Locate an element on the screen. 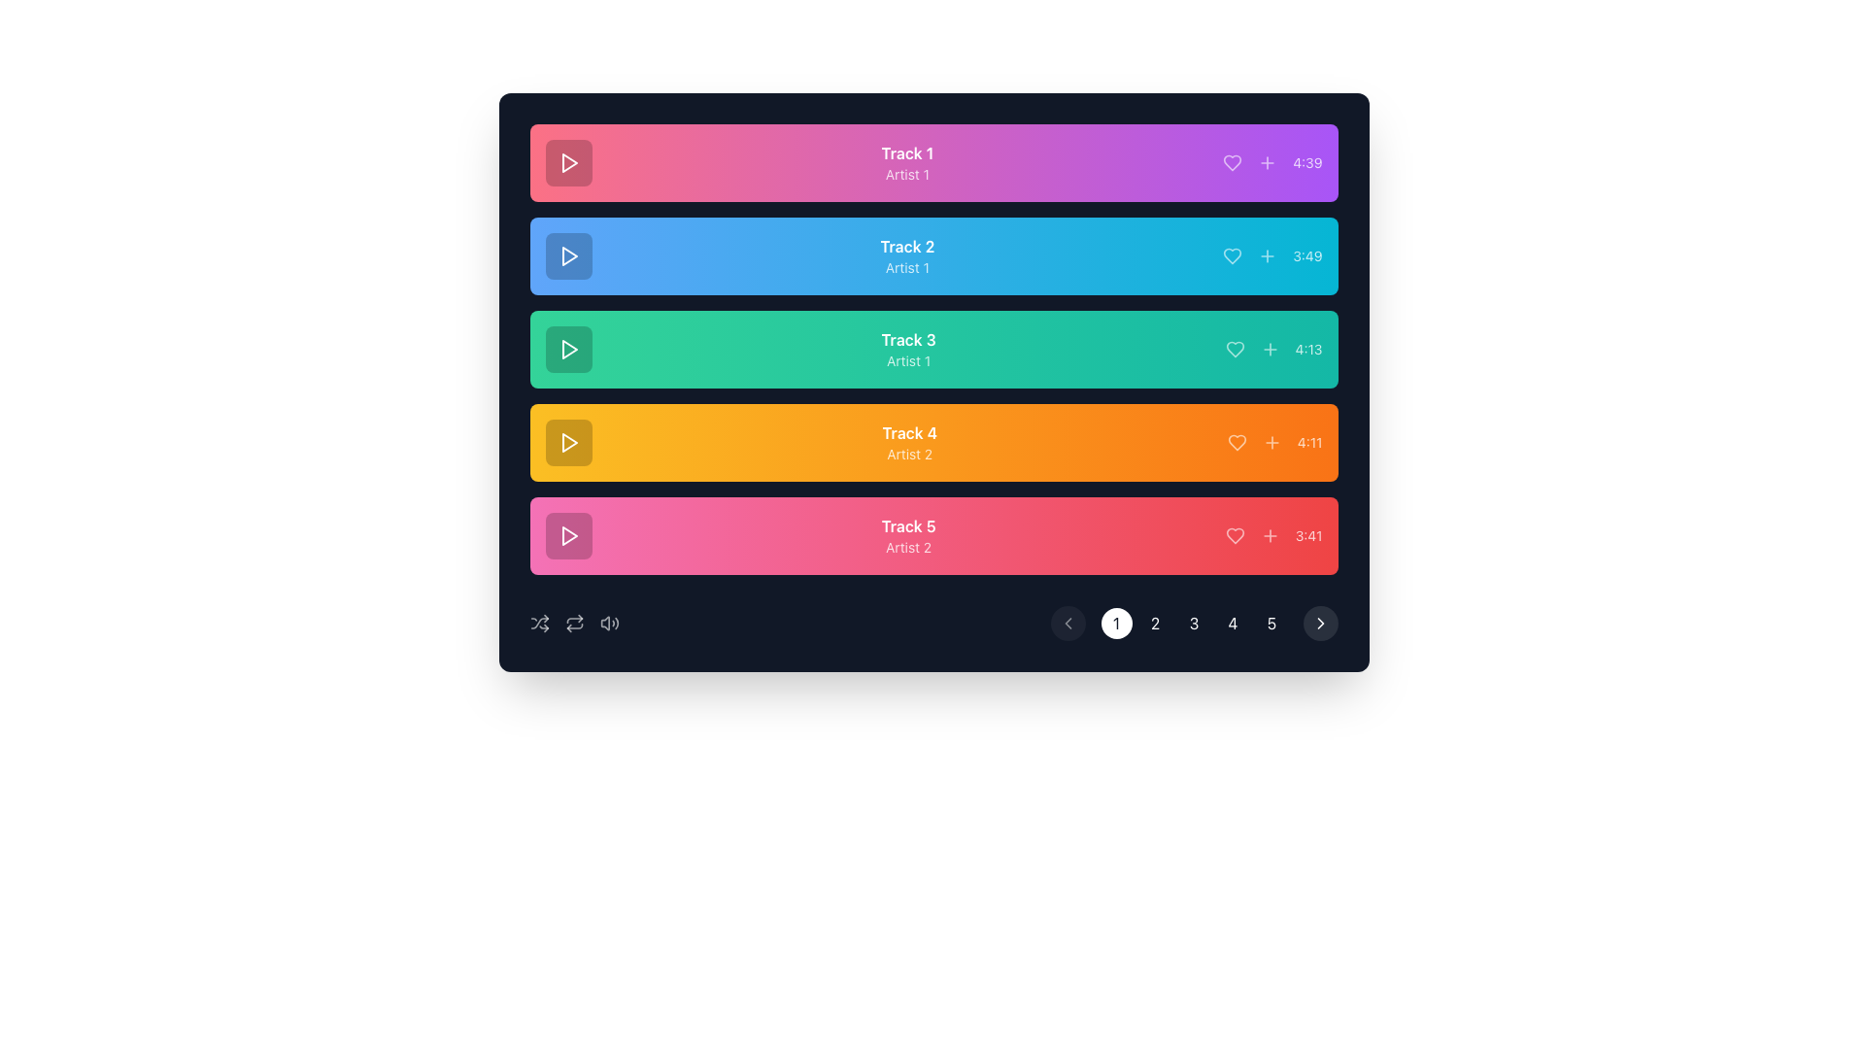 The width and height of the screenshot is (1865, 1049). the play button for 'Track 1' to initiate playback of the associated track is located at coordinates (567, 162).